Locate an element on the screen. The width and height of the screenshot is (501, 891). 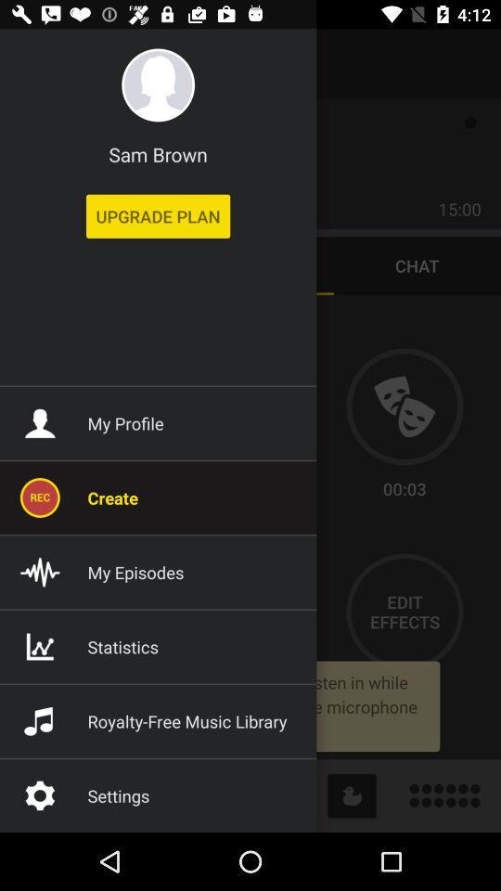
sam brown is located at coordinates (158, 153).